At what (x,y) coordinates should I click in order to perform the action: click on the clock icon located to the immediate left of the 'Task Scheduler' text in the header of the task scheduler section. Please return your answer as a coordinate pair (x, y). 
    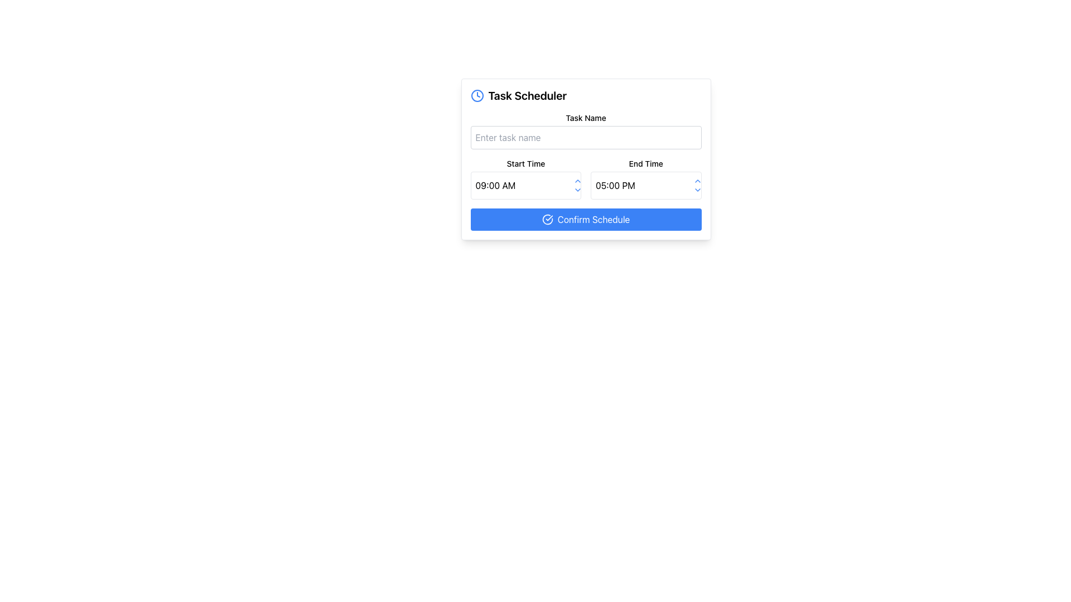
    Looking at the image, I should click on (477, 95).